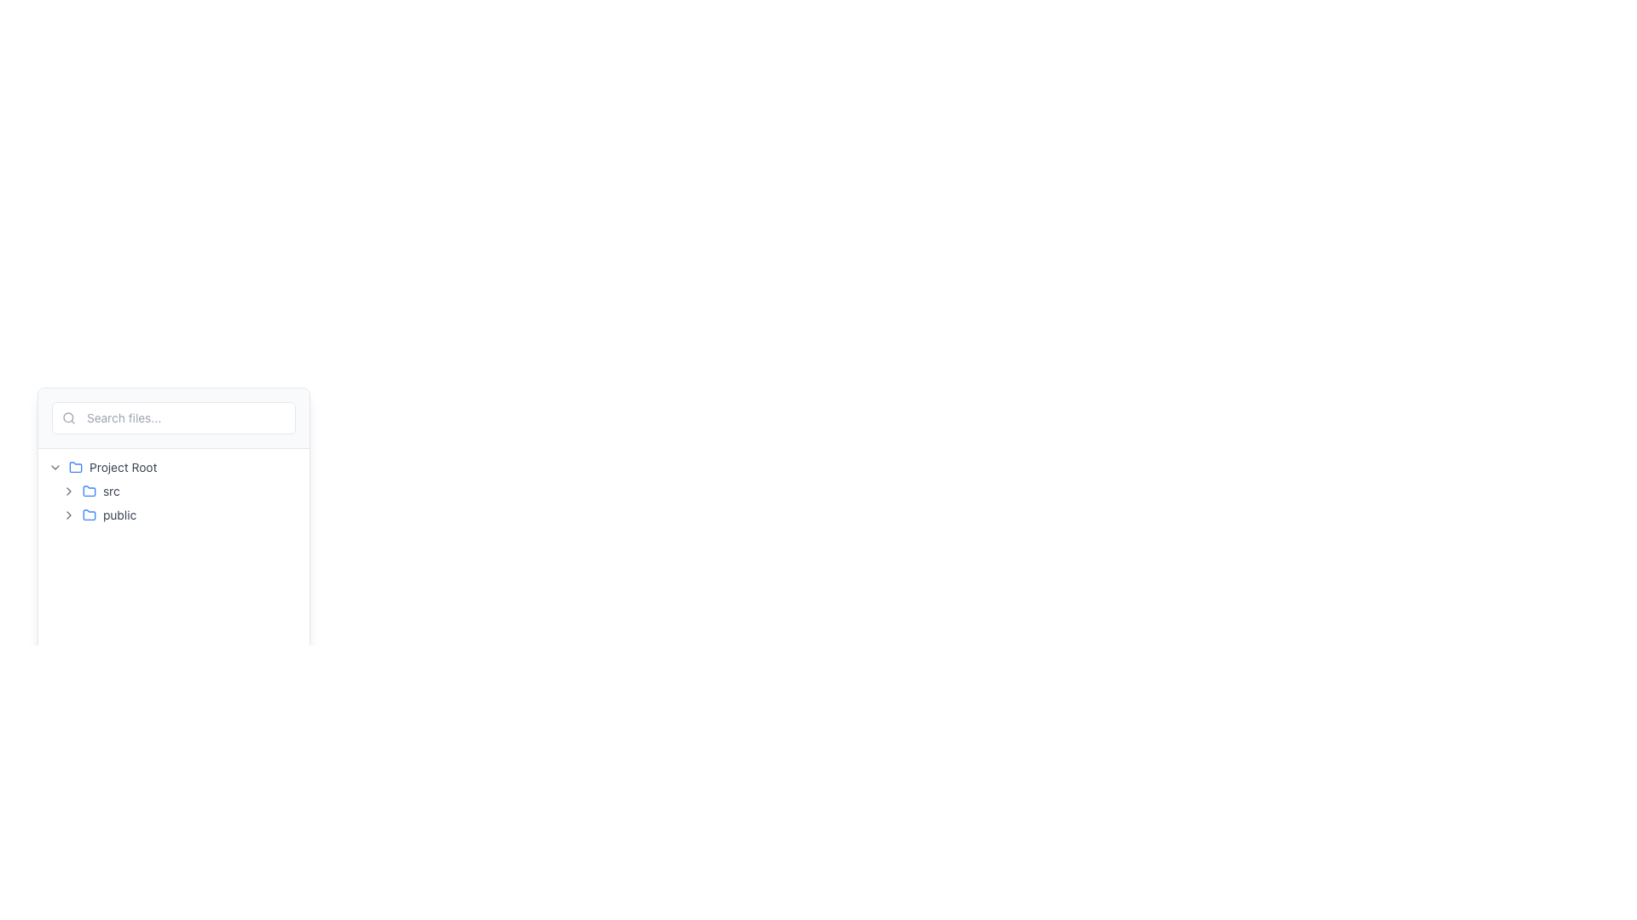  I want to click on the Toggle Icon located to the left of the 'Project Root' text, so click(55, 467).